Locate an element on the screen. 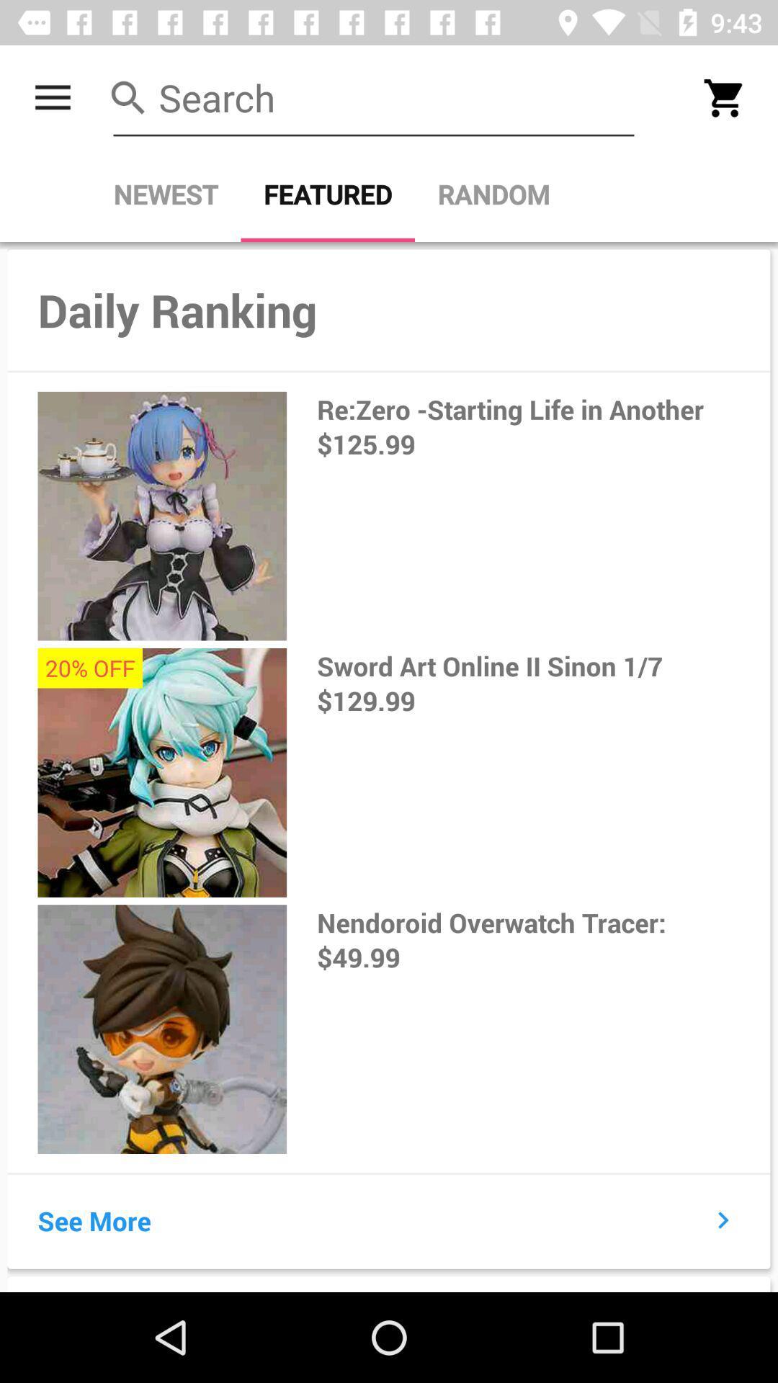 The width and height of the screenshot is (778, 1383). random icon is located at coordinates (493, 194).